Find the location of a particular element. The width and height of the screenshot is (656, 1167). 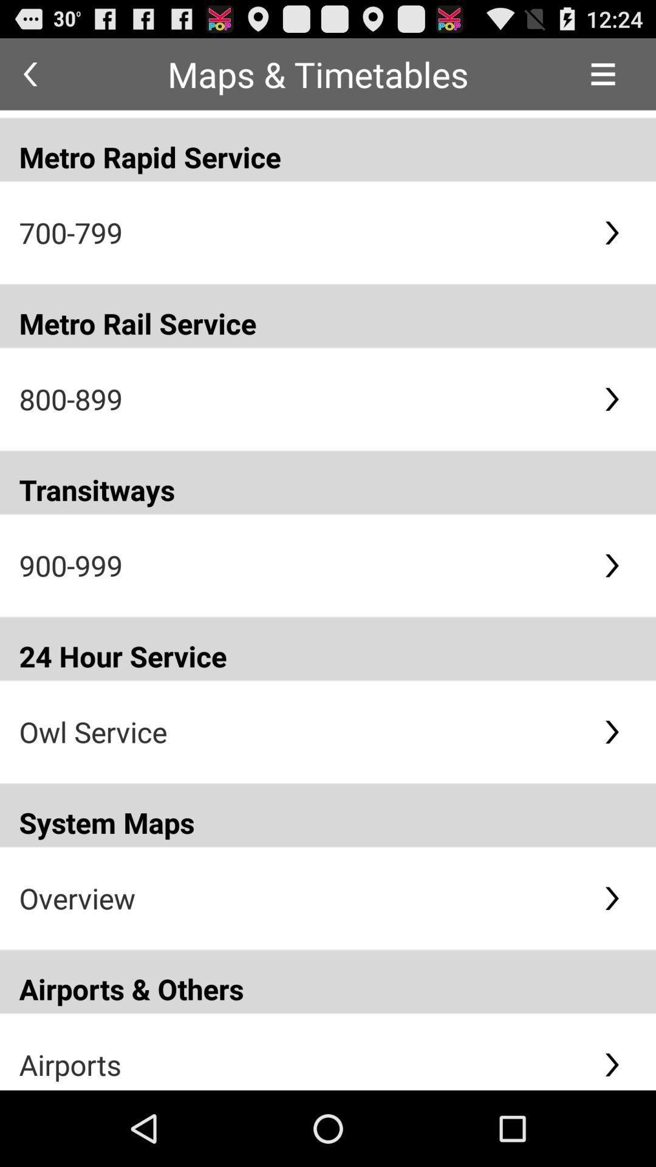

icon below metro rail service icon is located at coordinates (301, 399).